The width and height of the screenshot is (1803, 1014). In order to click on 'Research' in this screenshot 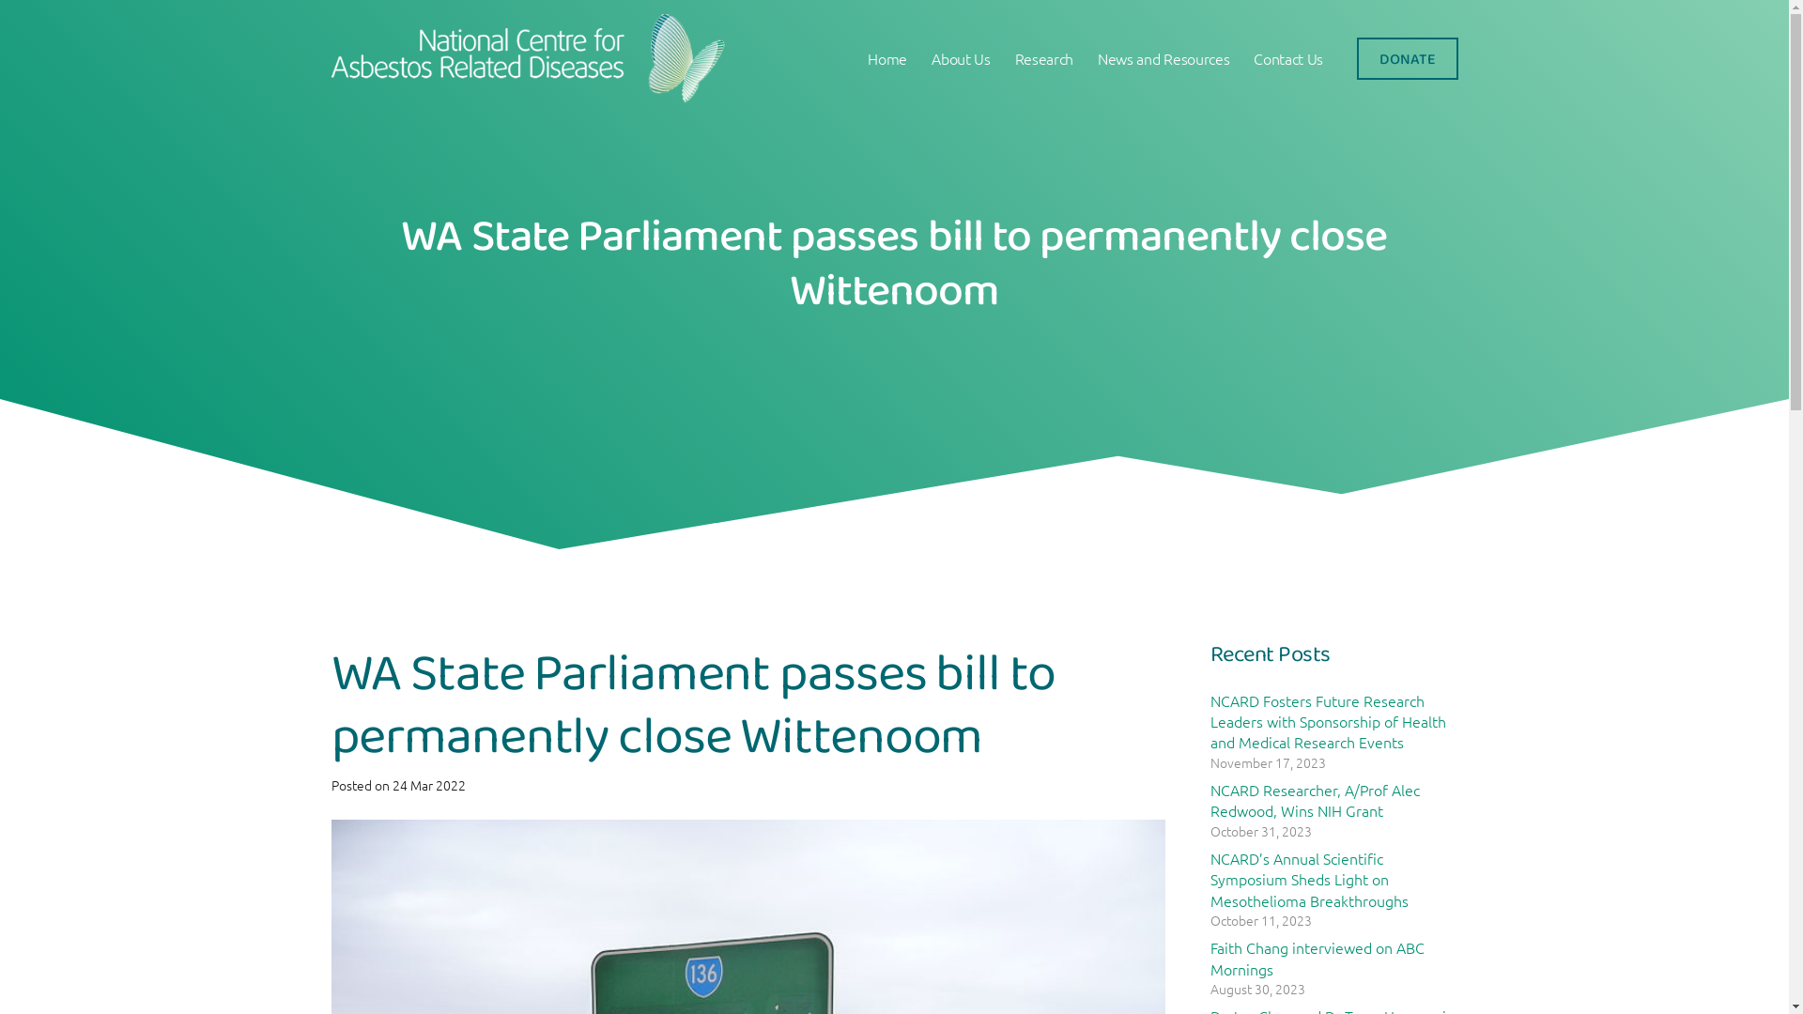, I will do `click(1043, 57)`.